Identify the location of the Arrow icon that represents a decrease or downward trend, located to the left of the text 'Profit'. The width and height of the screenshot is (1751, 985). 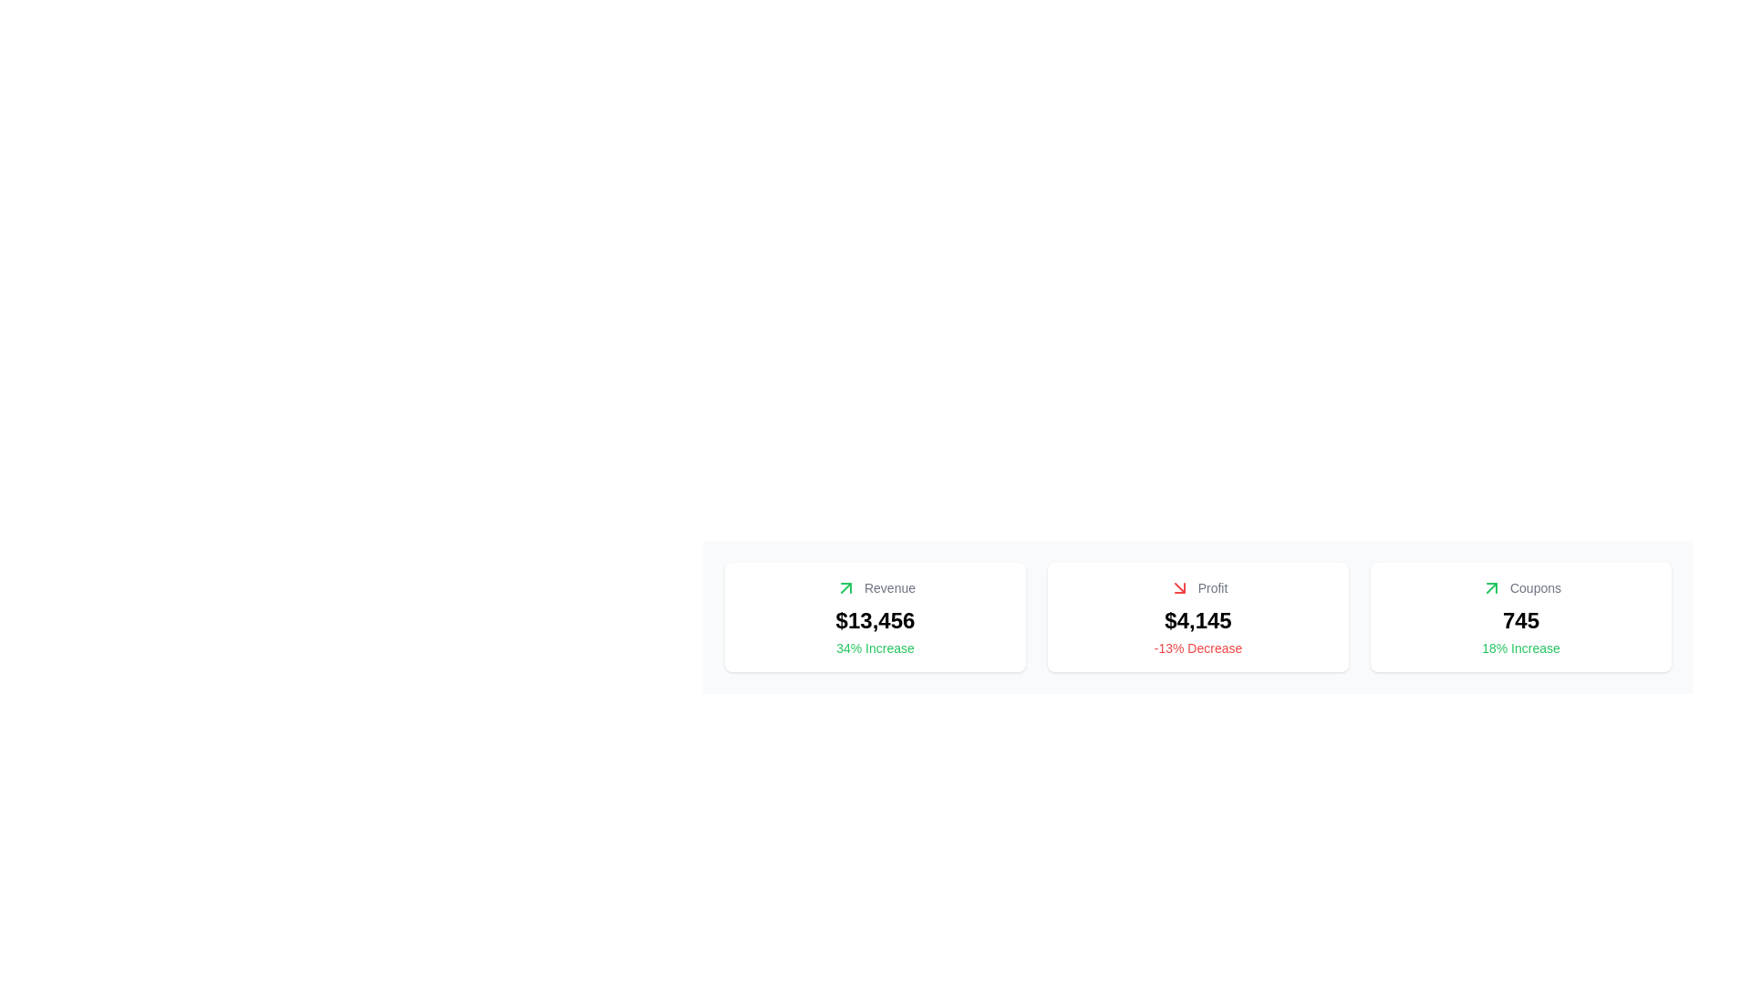
(1179, 587).